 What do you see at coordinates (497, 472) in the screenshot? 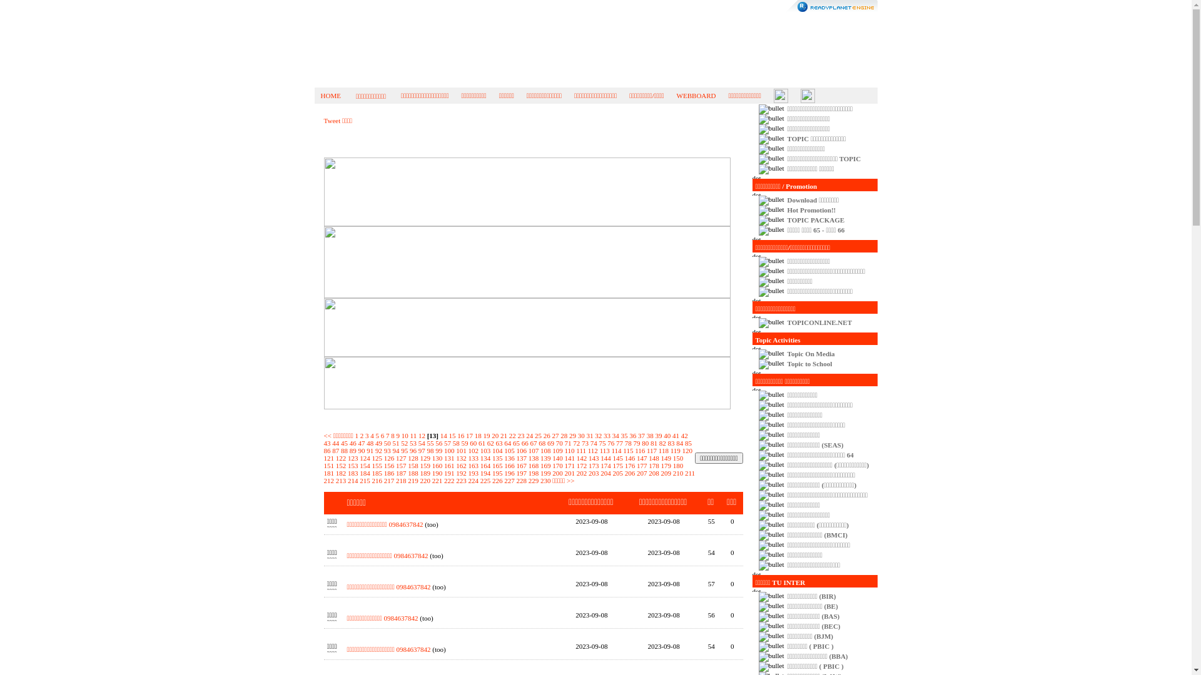
I see `'195'` at bounding box center [497, 472].